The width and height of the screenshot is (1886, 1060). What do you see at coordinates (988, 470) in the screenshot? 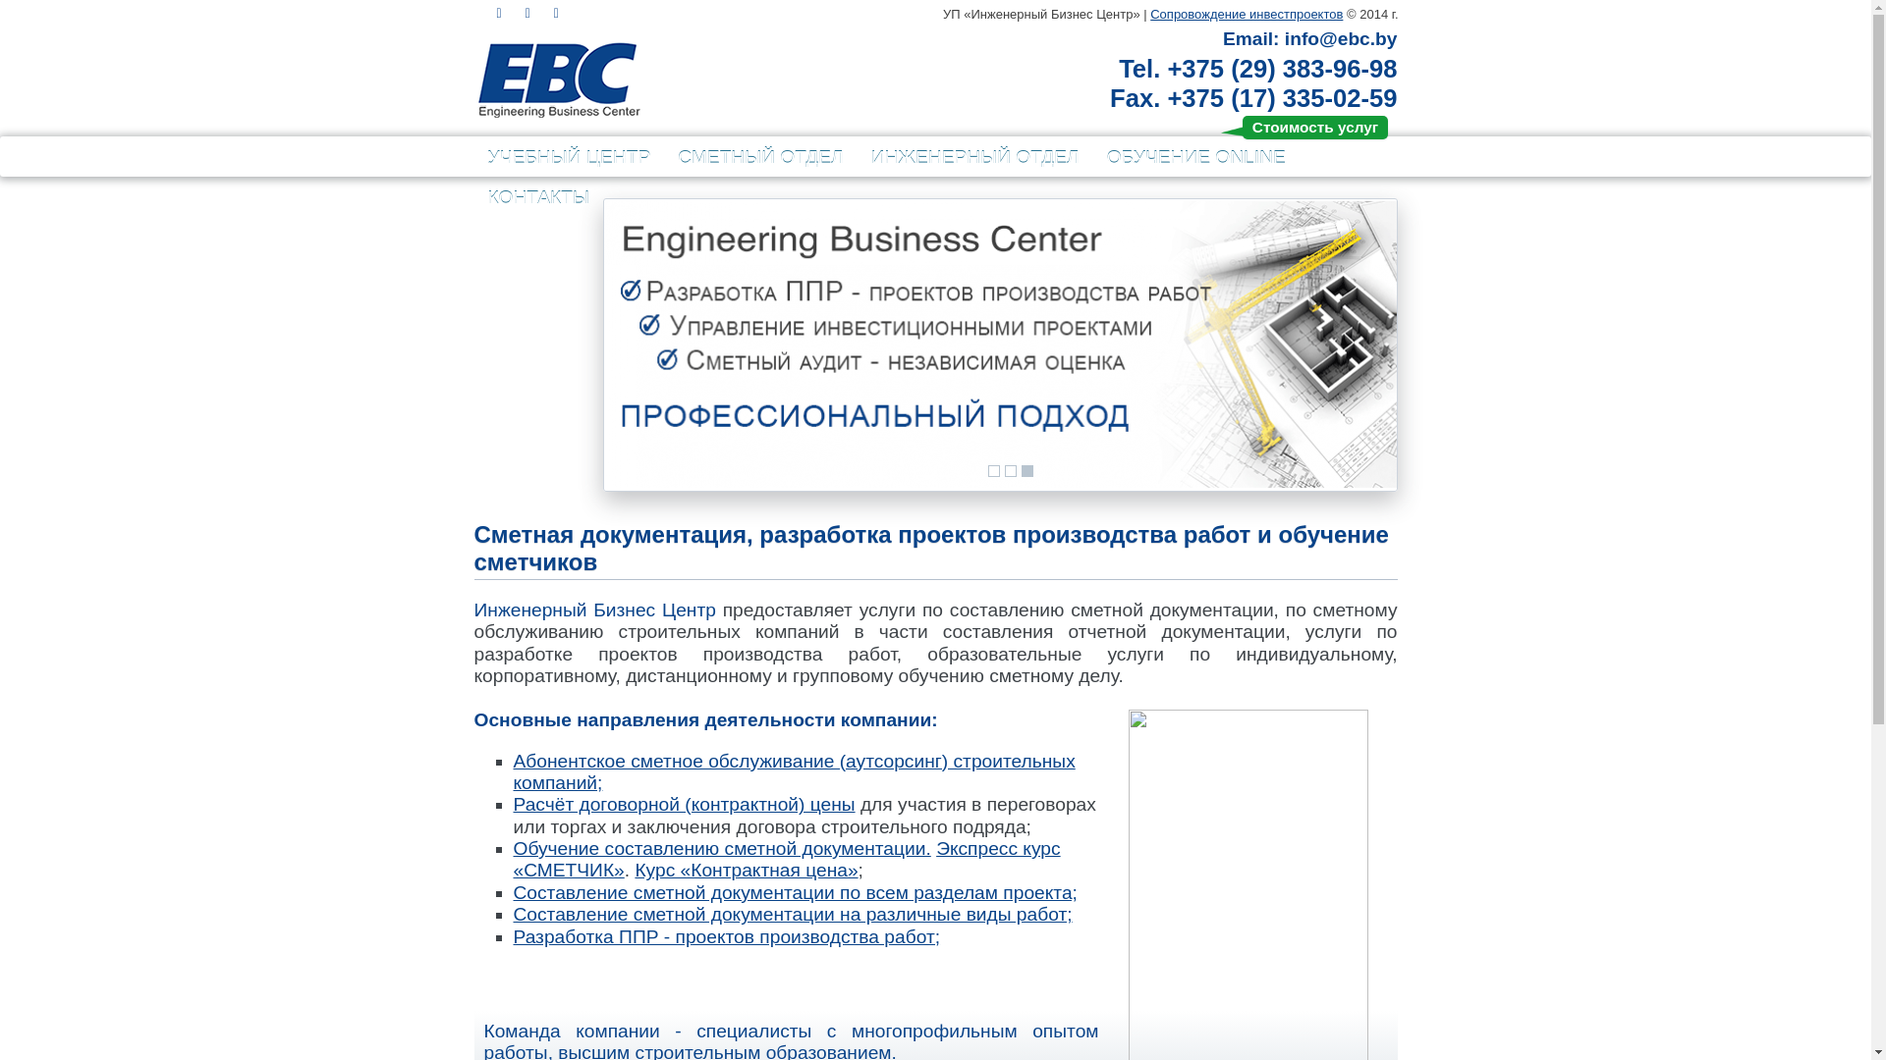
I see `'1'` at bounding box center [988, 470].